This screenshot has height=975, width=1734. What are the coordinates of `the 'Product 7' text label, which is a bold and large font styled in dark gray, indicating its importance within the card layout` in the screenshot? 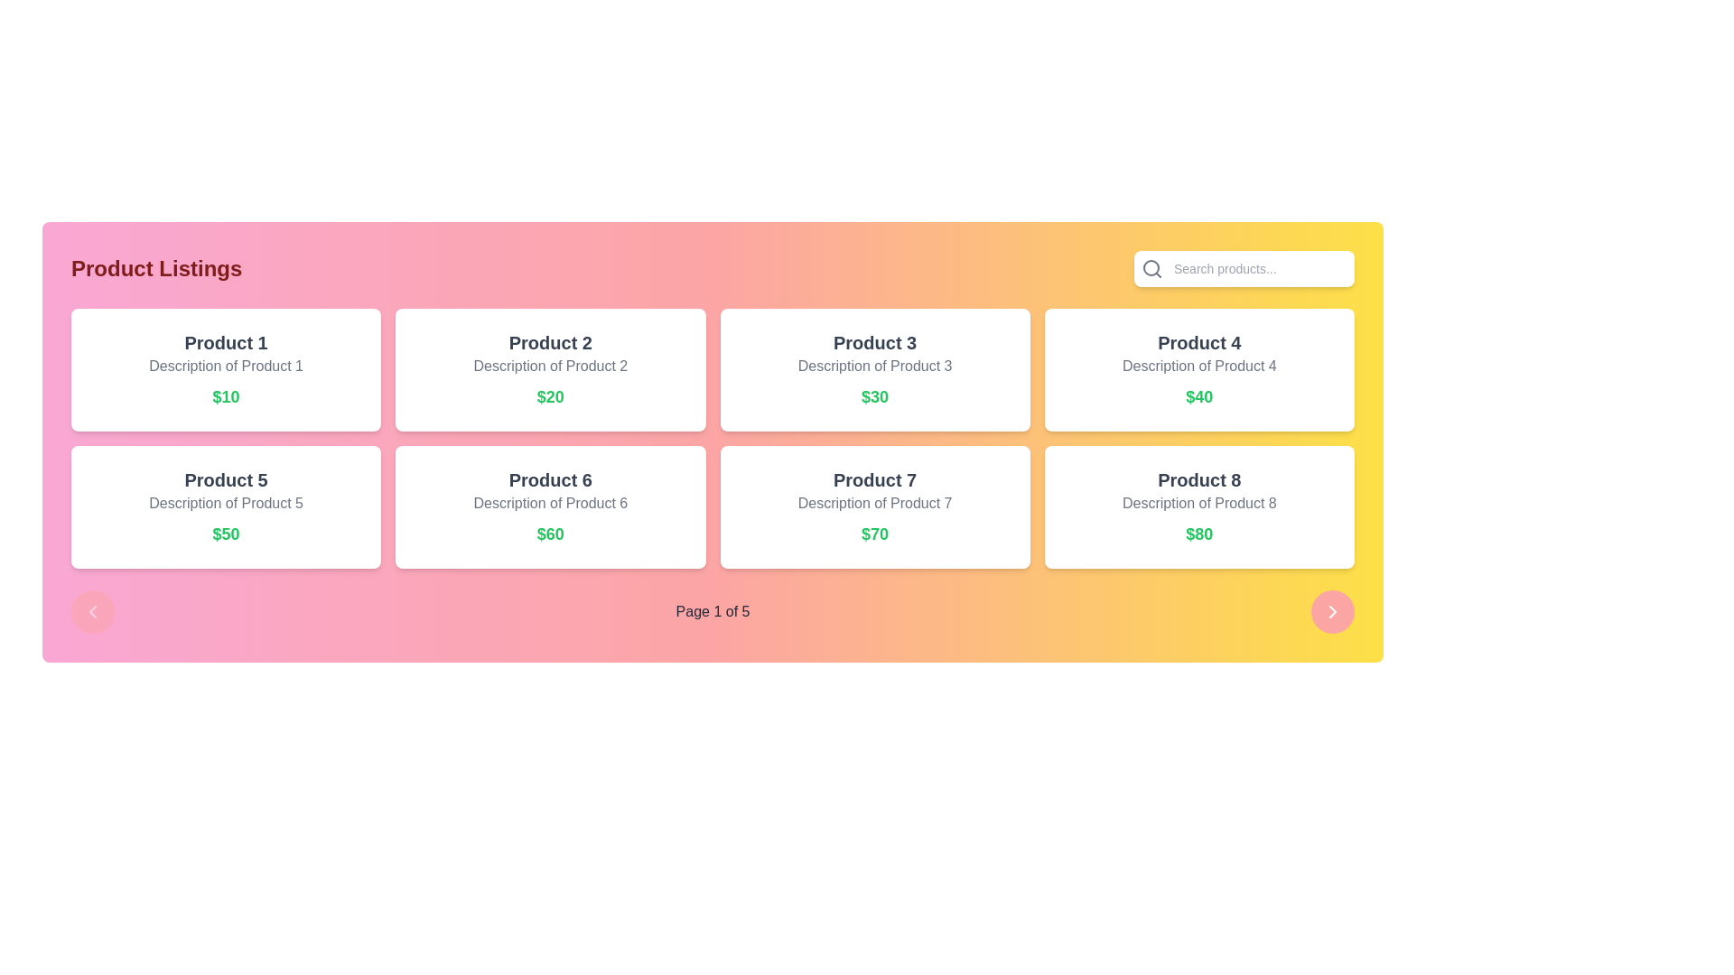 It's located at (875, 479).